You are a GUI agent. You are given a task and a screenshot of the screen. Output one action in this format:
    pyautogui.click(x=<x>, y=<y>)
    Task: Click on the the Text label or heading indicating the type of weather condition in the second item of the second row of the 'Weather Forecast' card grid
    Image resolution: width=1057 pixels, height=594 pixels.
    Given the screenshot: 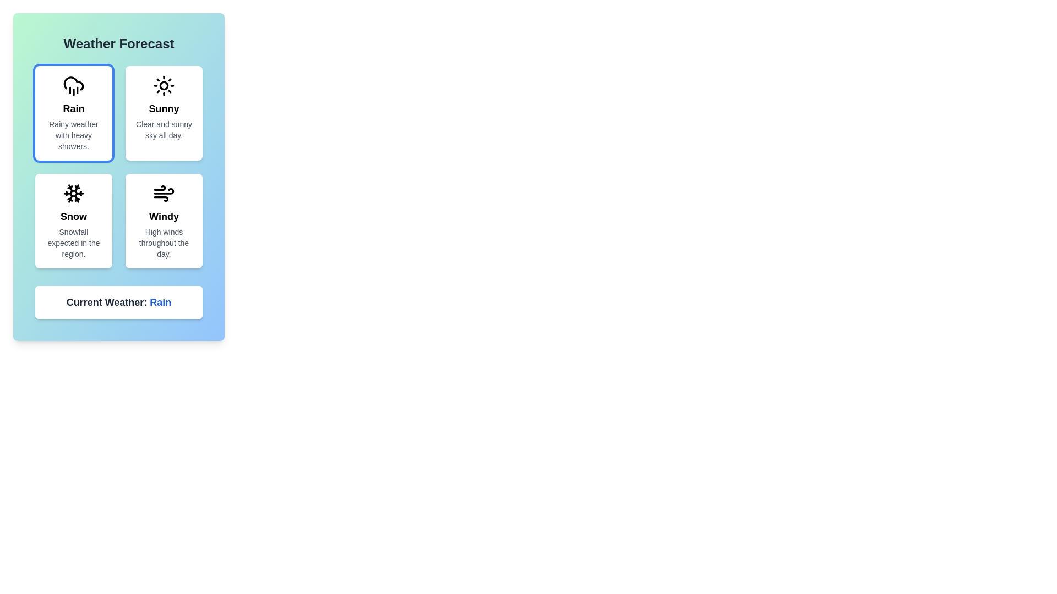 What is the action you would take?
    pyautogui.click(x=73, y=216)
    